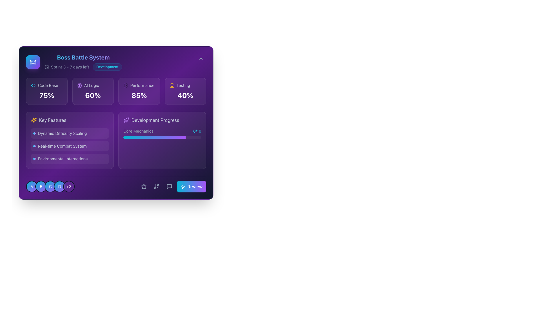  What do you see at coordinates (47, 95) in the screenshot?
I see `the numeric percentage value text label styled in bold white font within the 'Code Base' card` at bounding box center [47, 95].